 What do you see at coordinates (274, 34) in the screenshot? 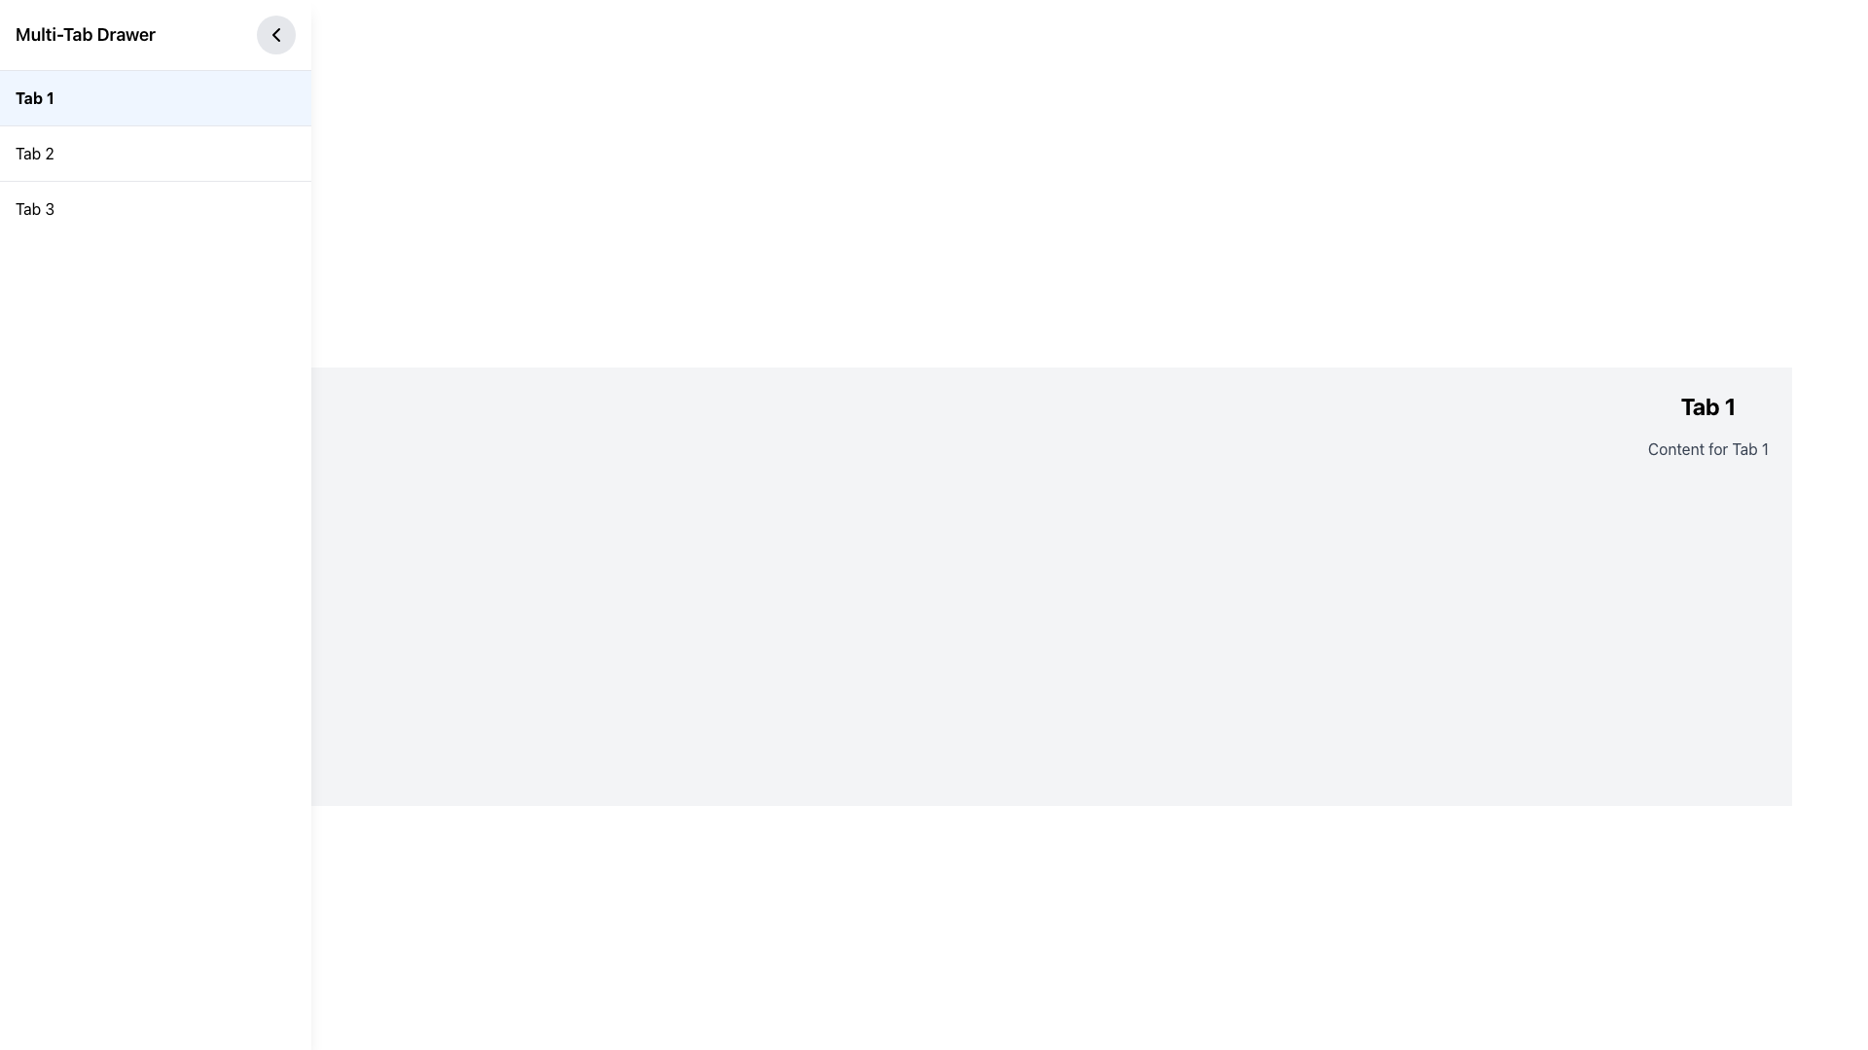
I see `the left-pointing chevron icon, which is styled with a black outline and located within a circular button with a light gray background, positioned at the top-left side of the interface adjacent to the 'Multi-Tab Drawer' label` at bounding box center [274, 34].